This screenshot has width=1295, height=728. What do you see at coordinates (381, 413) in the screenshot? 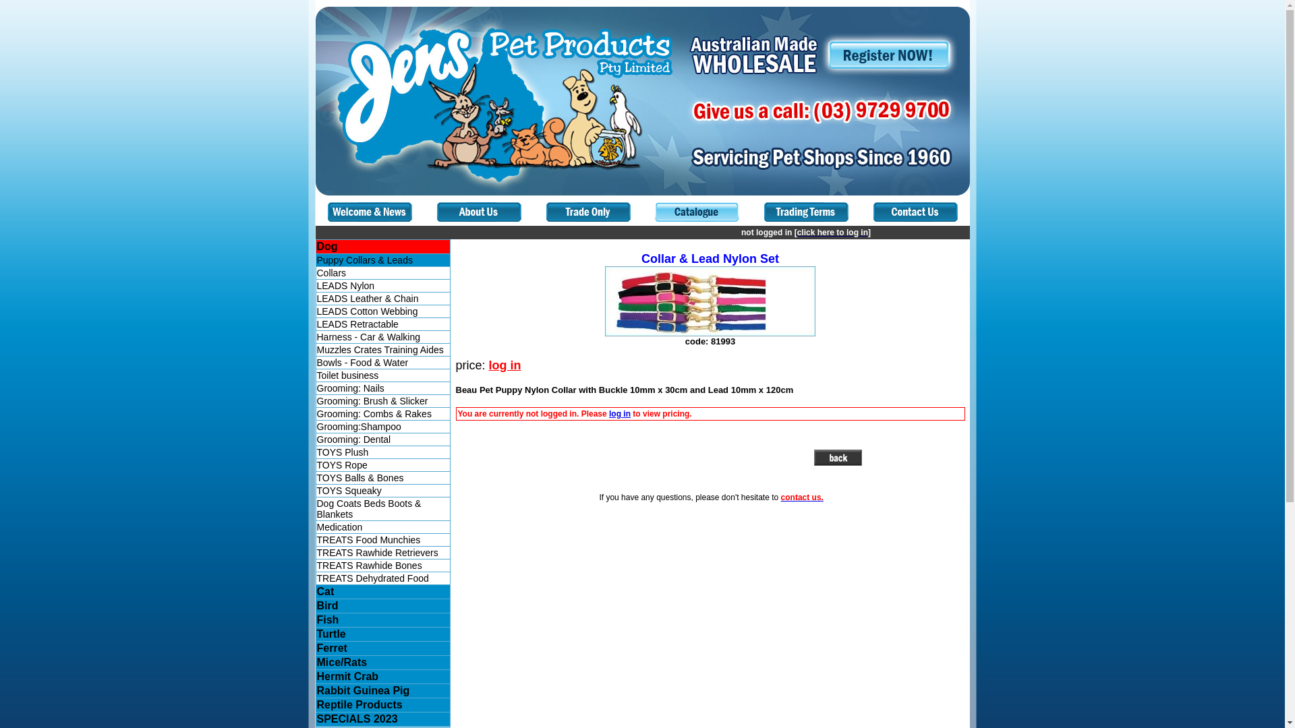
I see `'Grooming: Combs & Rakes'` at bounding box center [381, 413].